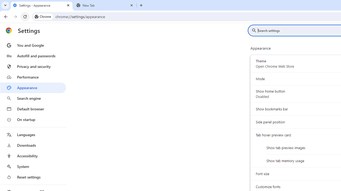 The image size is (341, 191). Describe the element at coordinates (5, 16) in the screenshot. I see `'Back'` at that location.